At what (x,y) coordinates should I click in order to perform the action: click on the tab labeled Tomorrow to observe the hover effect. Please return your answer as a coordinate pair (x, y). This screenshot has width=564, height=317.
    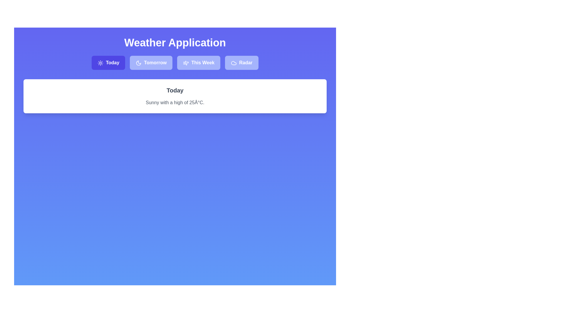
    Looking at the image, I should click on (151, 63).